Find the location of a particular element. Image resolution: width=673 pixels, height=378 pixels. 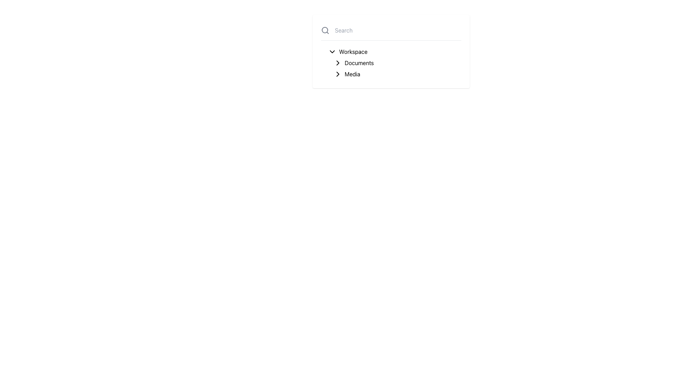

the 'Documents' navigation list item is located at coordinates (396, 63).